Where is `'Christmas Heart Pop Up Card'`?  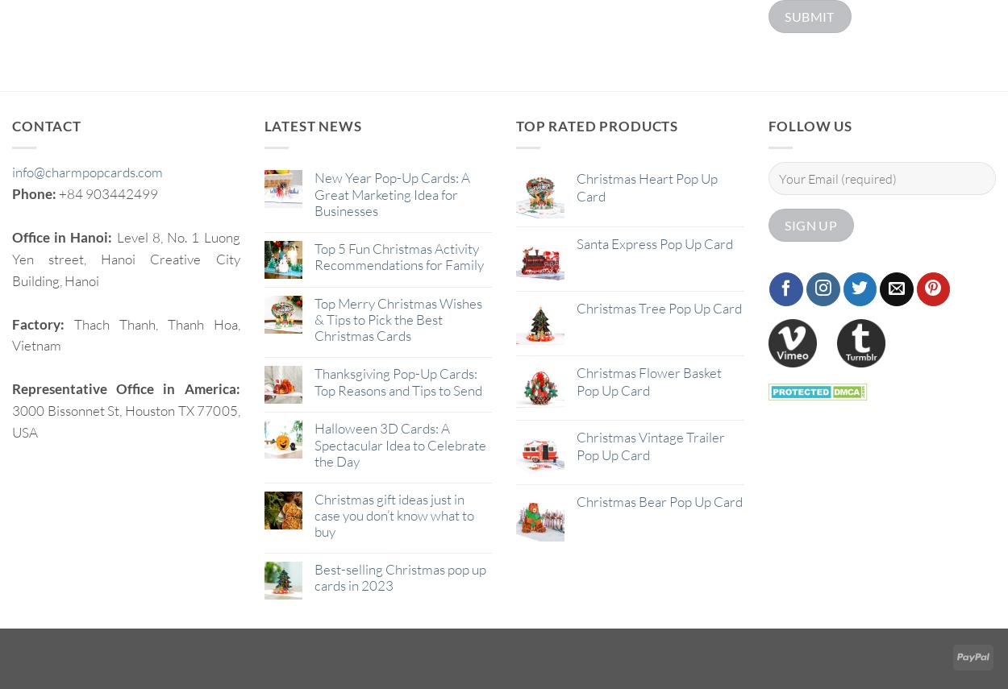 'Christmas Heart Pop Up Card' is located at coordinates (647, 186).